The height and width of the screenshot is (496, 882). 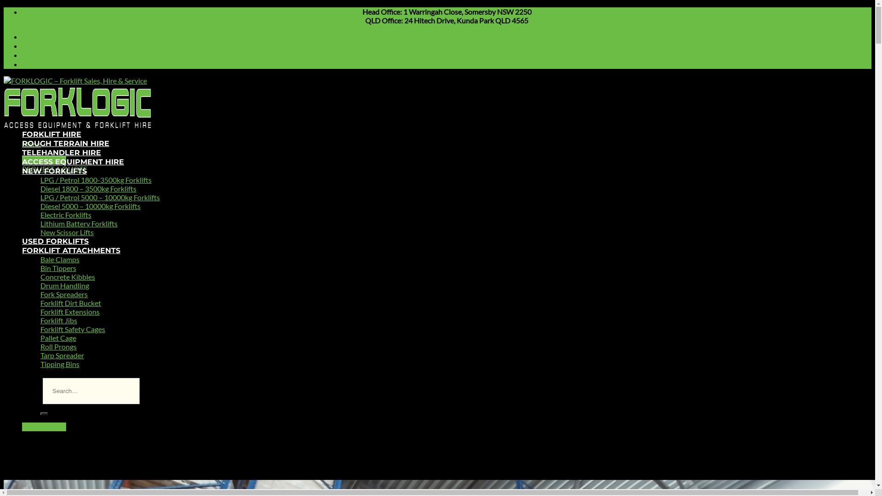 What do you see at coordinates (40, 355) in the screenshot?
I see `'Tarp Spreader'` at bounding box center [40, 355].